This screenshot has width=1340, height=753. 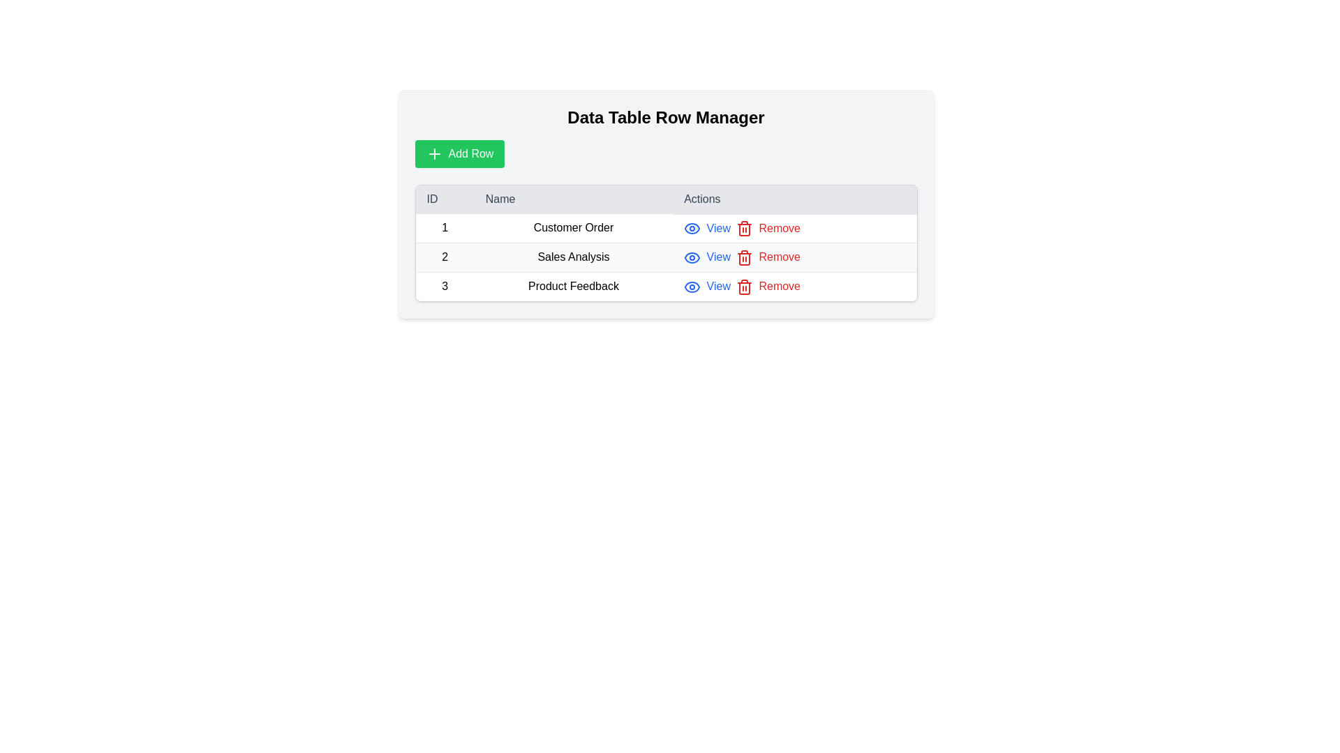 I want to click on the read-only identifier cell in the third row of the table, which is positioned in the 'ID' column, to potentially interact with the corresponding row, so click(x=444, y=285).